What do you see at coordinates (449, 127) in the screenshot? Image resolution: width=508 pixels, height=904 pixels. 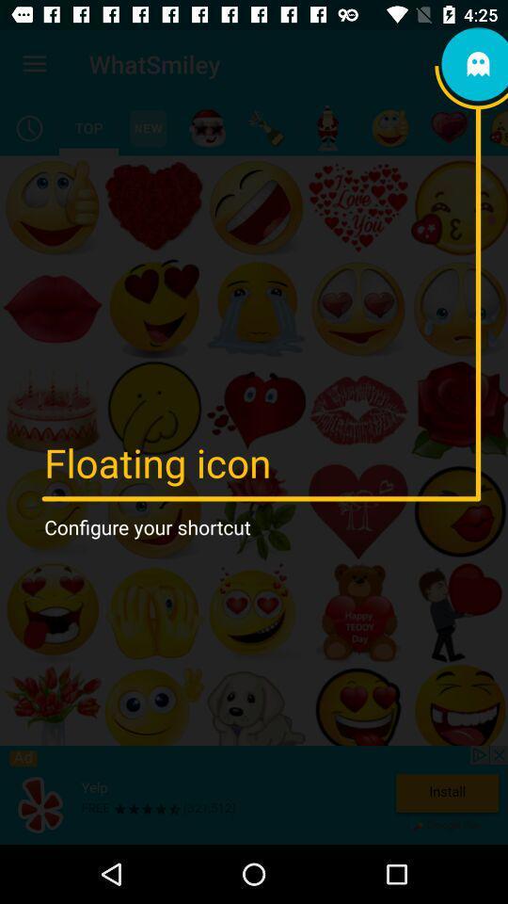 I see `heart emoji` at bounding box center [449, 127].